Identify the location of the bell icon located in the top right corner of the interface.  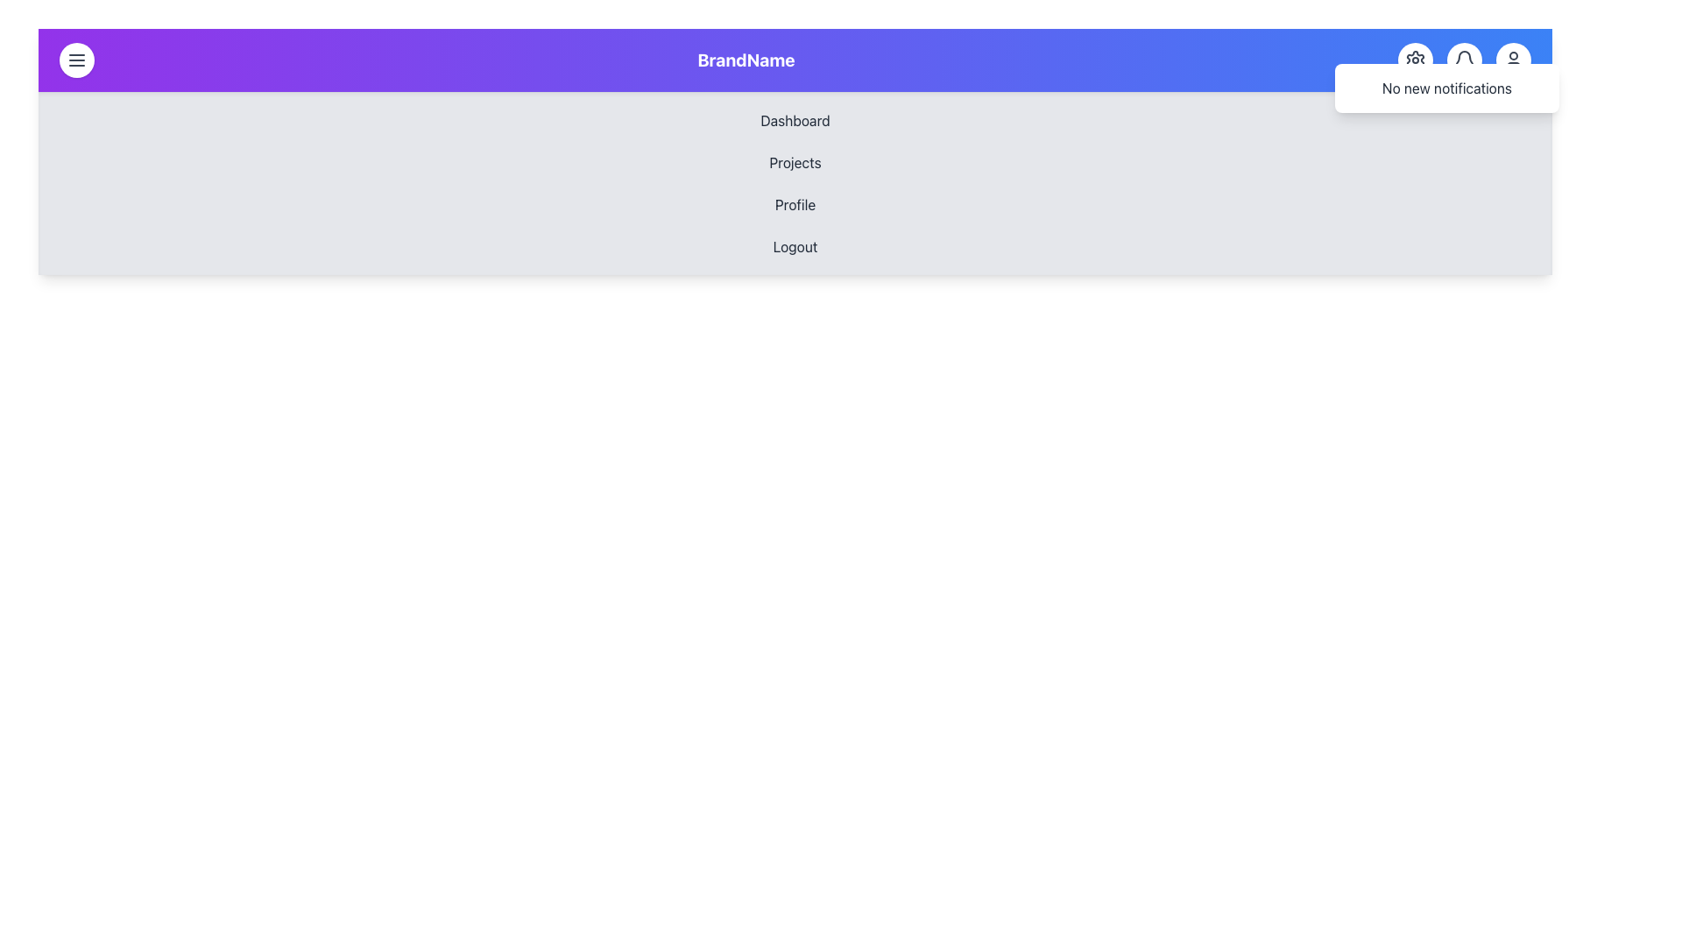
(1464, 60).